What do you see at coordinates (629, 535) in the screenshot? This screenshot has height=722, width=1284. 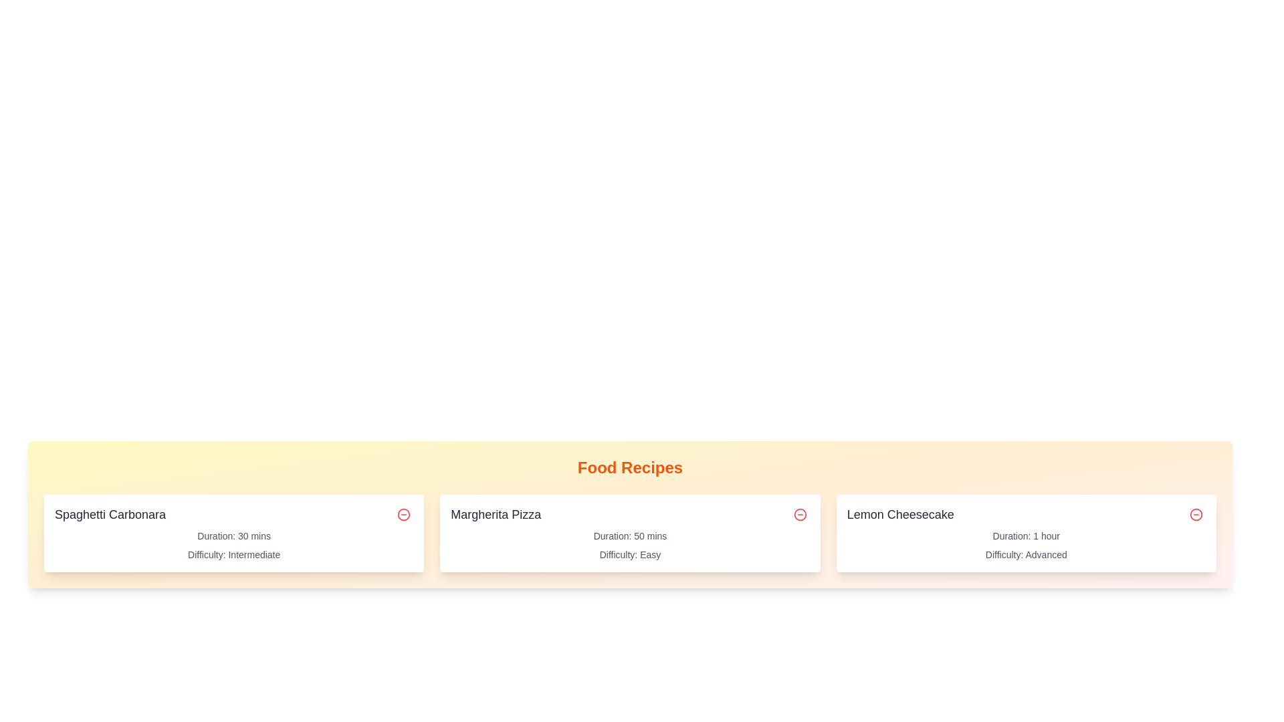 I see `the text display stating 'Duration: 50 mins', which is styled in a small font size and gray color, located under the 'Margherita Pizza' heading` at bounding box center [629, 535].